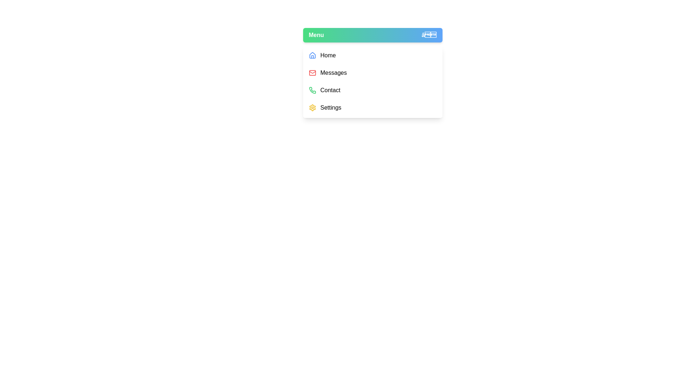  What do you see at coordinates (372, 90) in the screenshot?
I see `the menu item Contact` at bounding box center [372, 90].